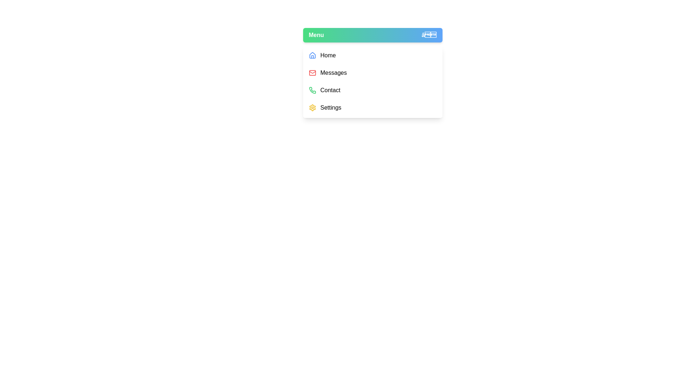  What do you see at coordinates (372, 90) in the screenshot?
I see `the menu item Contact` at bounding box center [372, 90].